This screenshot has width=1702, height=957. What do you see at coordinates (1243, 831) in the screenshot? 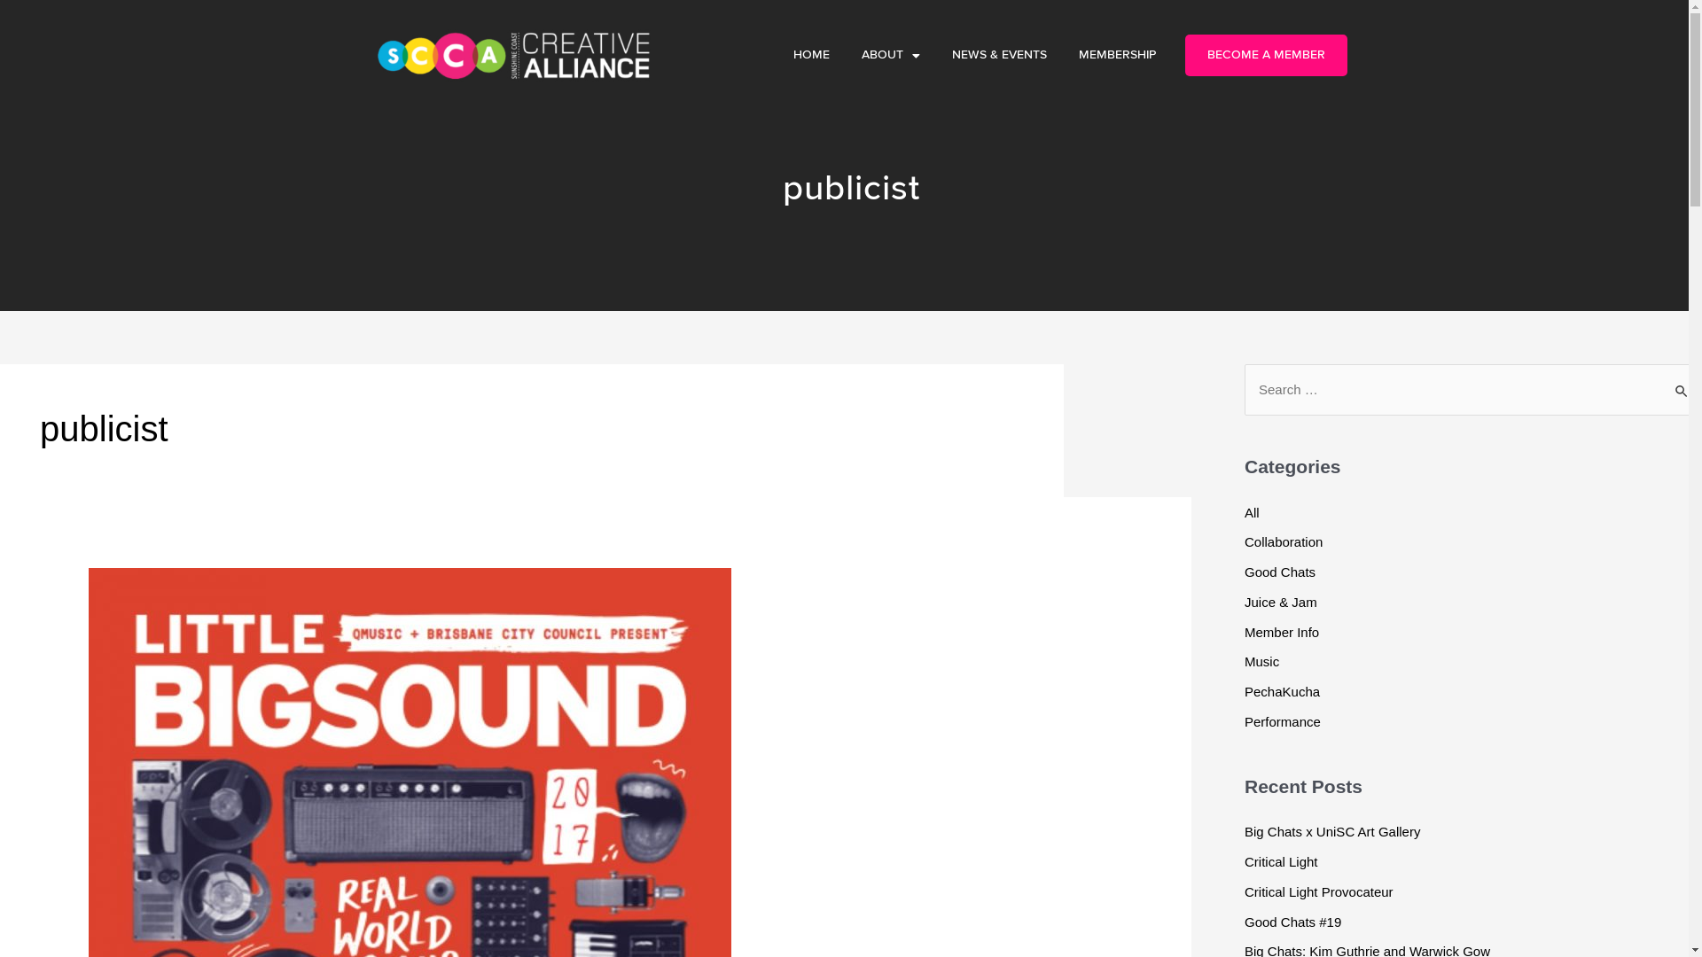
I see `'Big Chats x UniSC Art Gallery'` at bounding box center [1243, 831].